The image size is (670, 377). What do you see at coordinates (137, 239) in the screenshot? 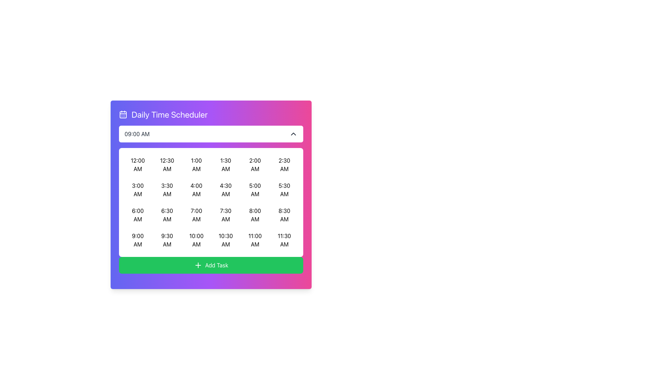
I see `the button labeled '9:00 AM' in the Daily Time Scheduler` at bounding box center [137, 239].